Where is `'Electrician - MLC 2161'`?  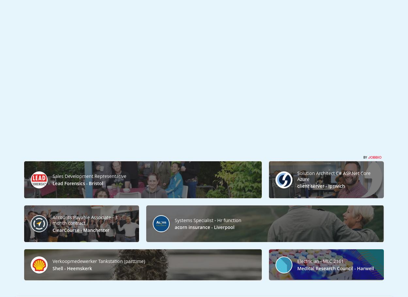 'Electrician - MLC 2161' is located at coordinates (297, 261).